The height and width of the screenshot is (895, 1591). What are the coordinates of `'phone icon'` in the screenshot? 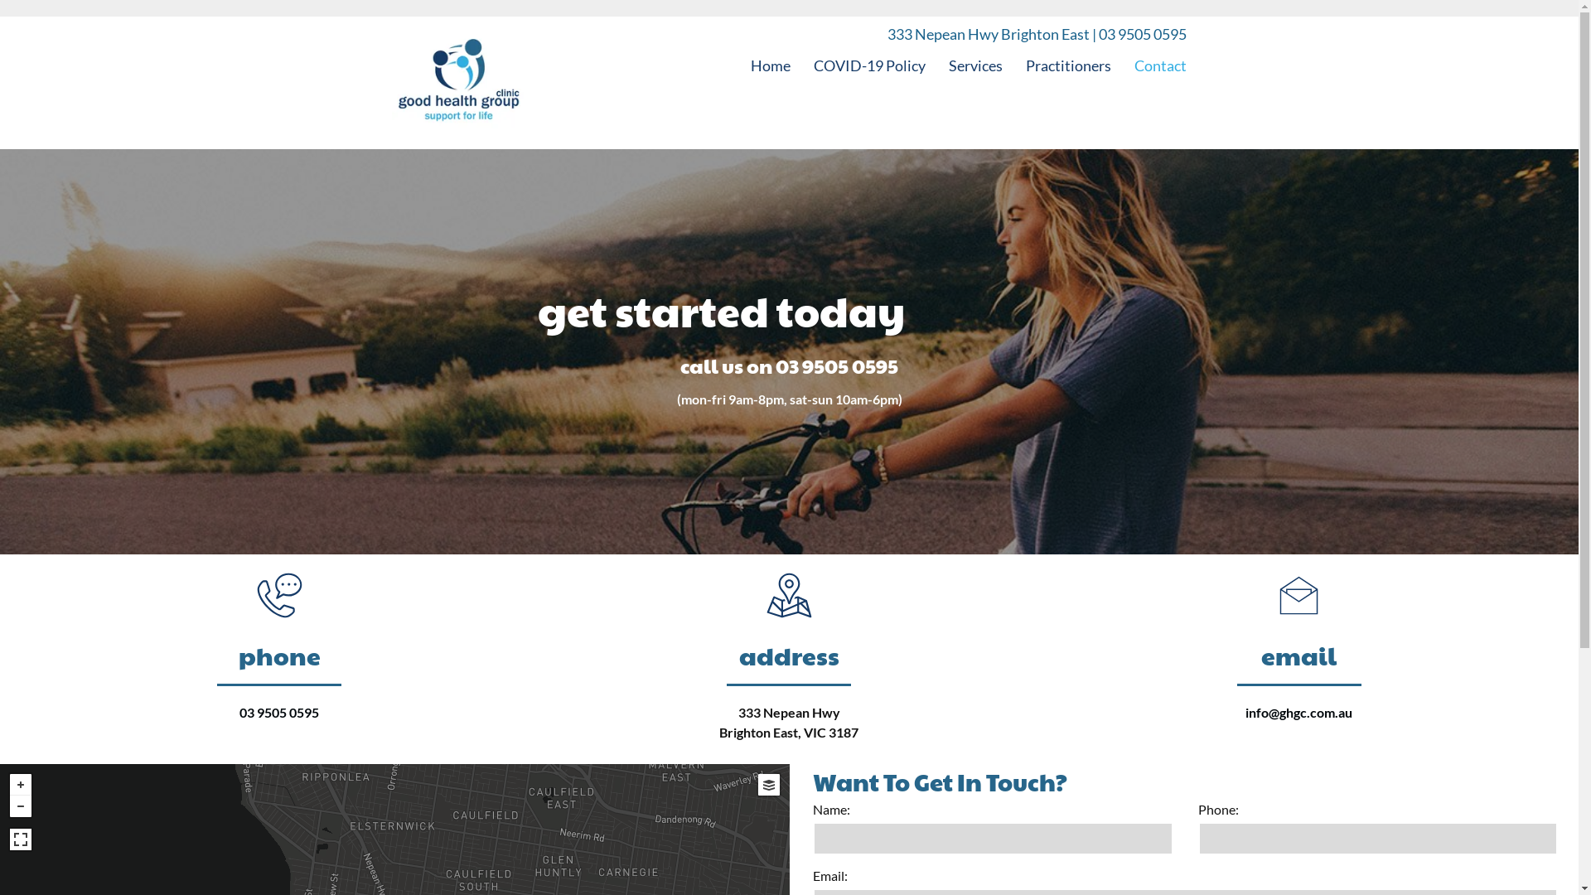 It's located at (247, 593).